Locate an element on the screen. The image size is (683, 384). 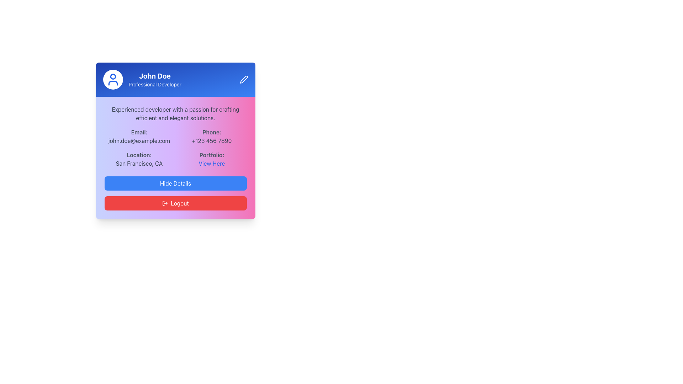
the Text Label displaying the user's name, which is located at the top-left portion of the profile card, next to the profile image and above the subtitle text is located at coordinates (154, 76).